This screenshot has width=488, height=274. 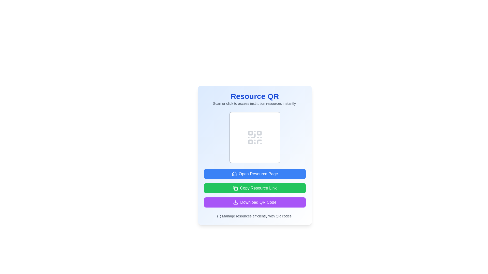 I want to click on the 'Download QR Code' button with a purple background and white text, so click(x=255, y=202).